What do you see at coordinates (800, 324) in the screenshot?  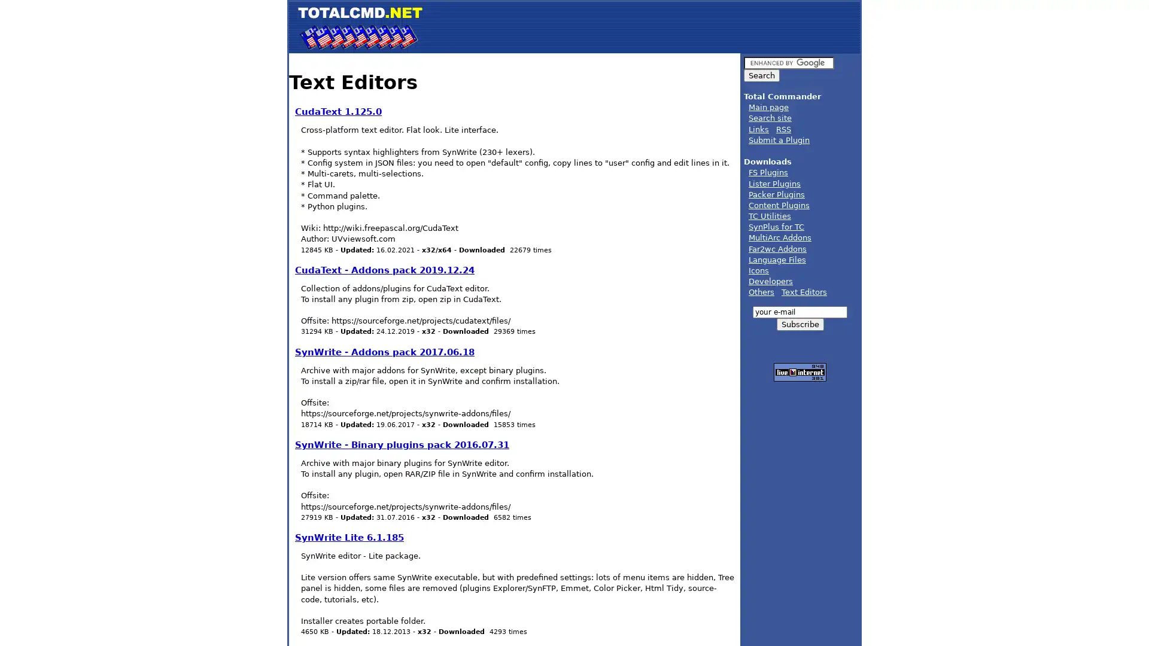 I see `Subscribe` at bounding box center [800, 324].